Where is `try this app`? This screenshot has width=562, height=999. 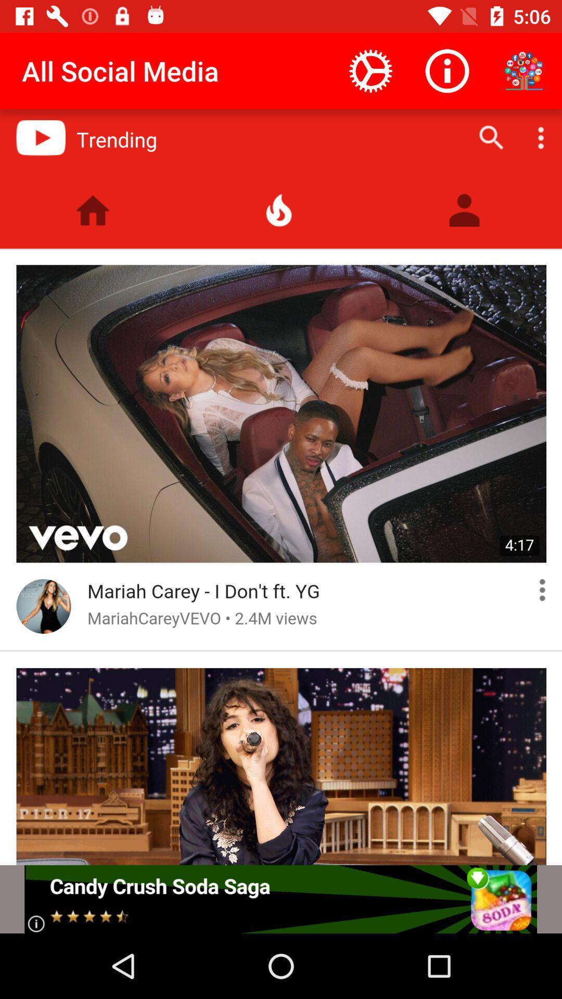
try this app is located at coordinates (280, 899).